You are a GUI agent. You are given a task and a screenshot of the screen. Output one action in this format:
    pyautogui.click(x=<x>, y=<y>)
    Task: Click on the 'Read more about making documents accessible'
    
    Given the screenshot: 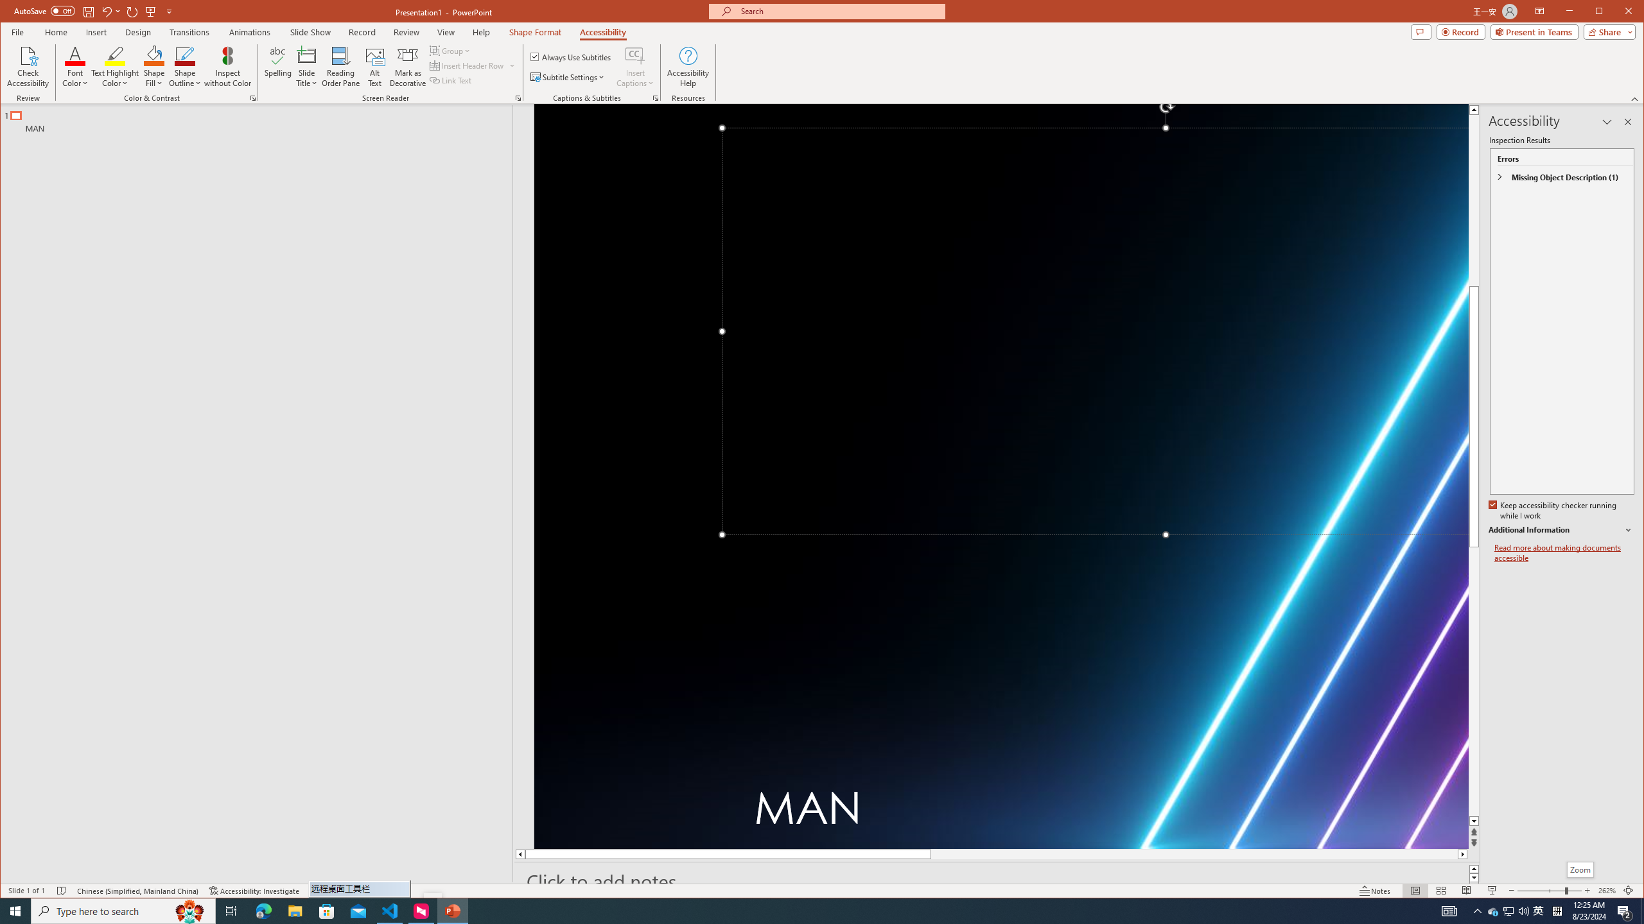 What is the action you would take?
    pyautogui.click(x=1563, y=552)
    